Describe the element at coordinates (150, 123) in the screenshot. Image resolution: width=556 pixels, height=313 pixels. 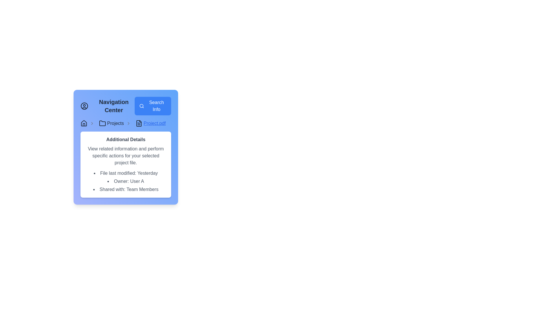
I see `the hyperlink with an icon that links to 'Project.pdf' located at the end of the breadcrumb navigation bar under the 'Projects' label` at that location.